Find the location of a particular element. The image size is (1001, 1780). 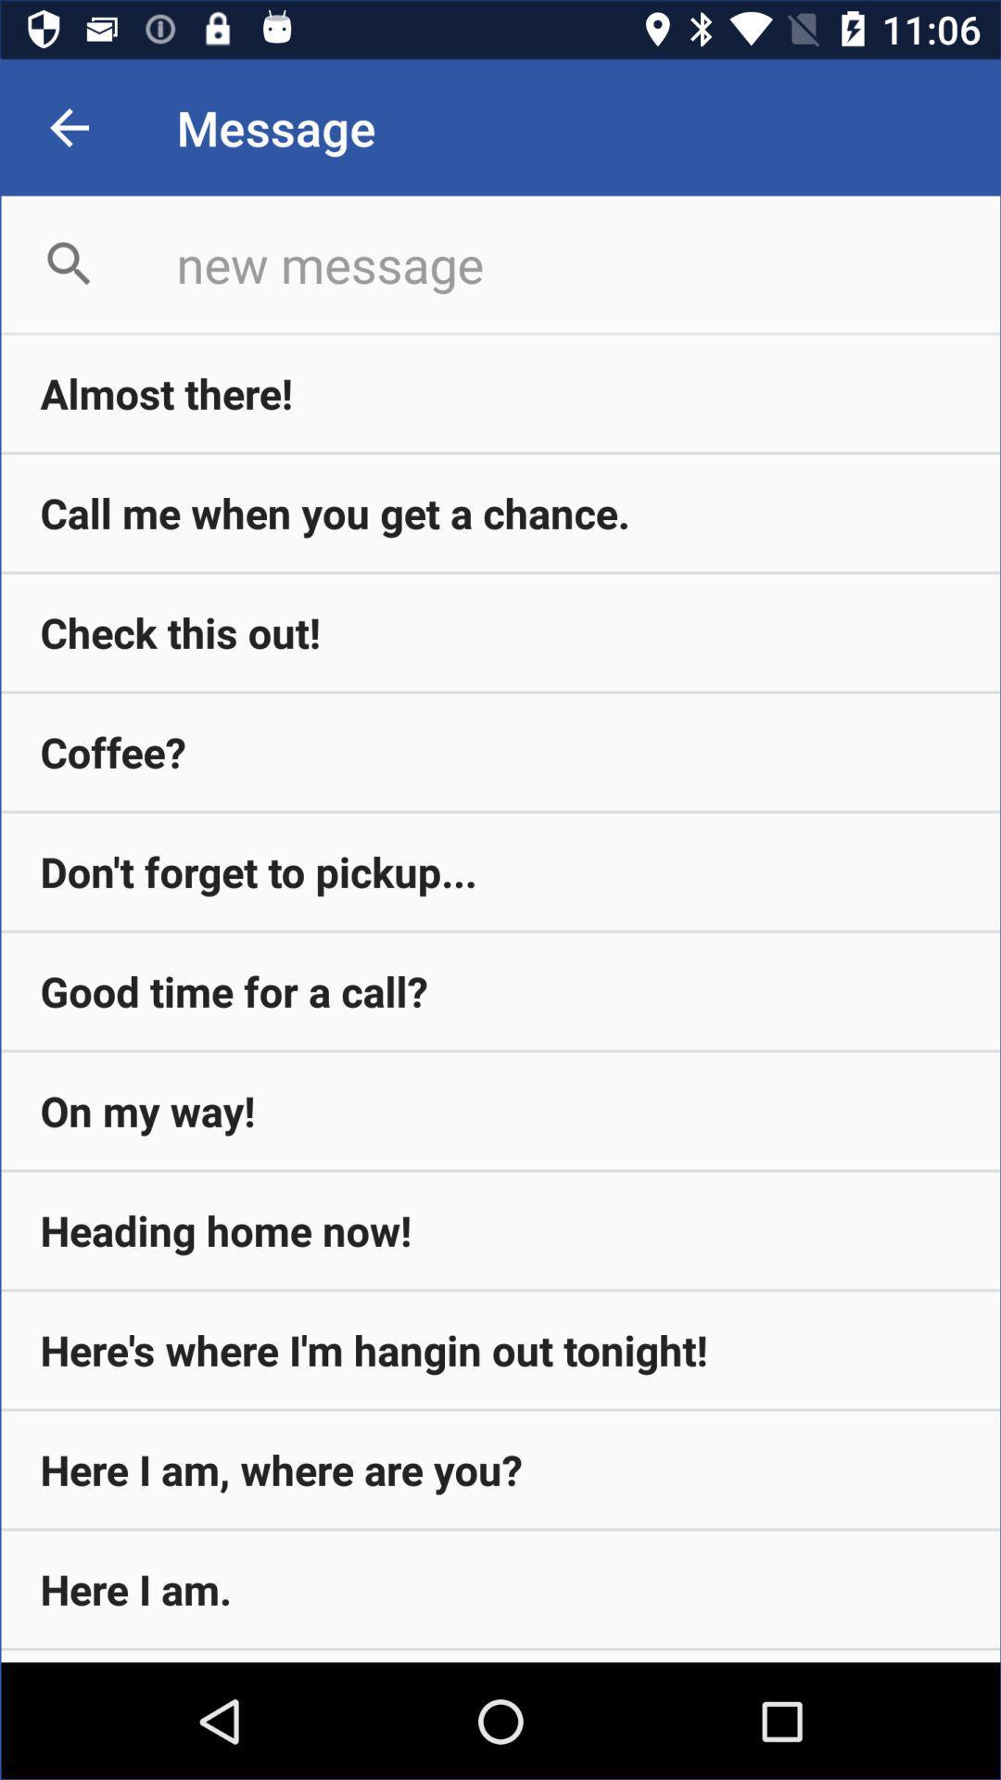

item above the here i am is located at coordinates (500, 1350).